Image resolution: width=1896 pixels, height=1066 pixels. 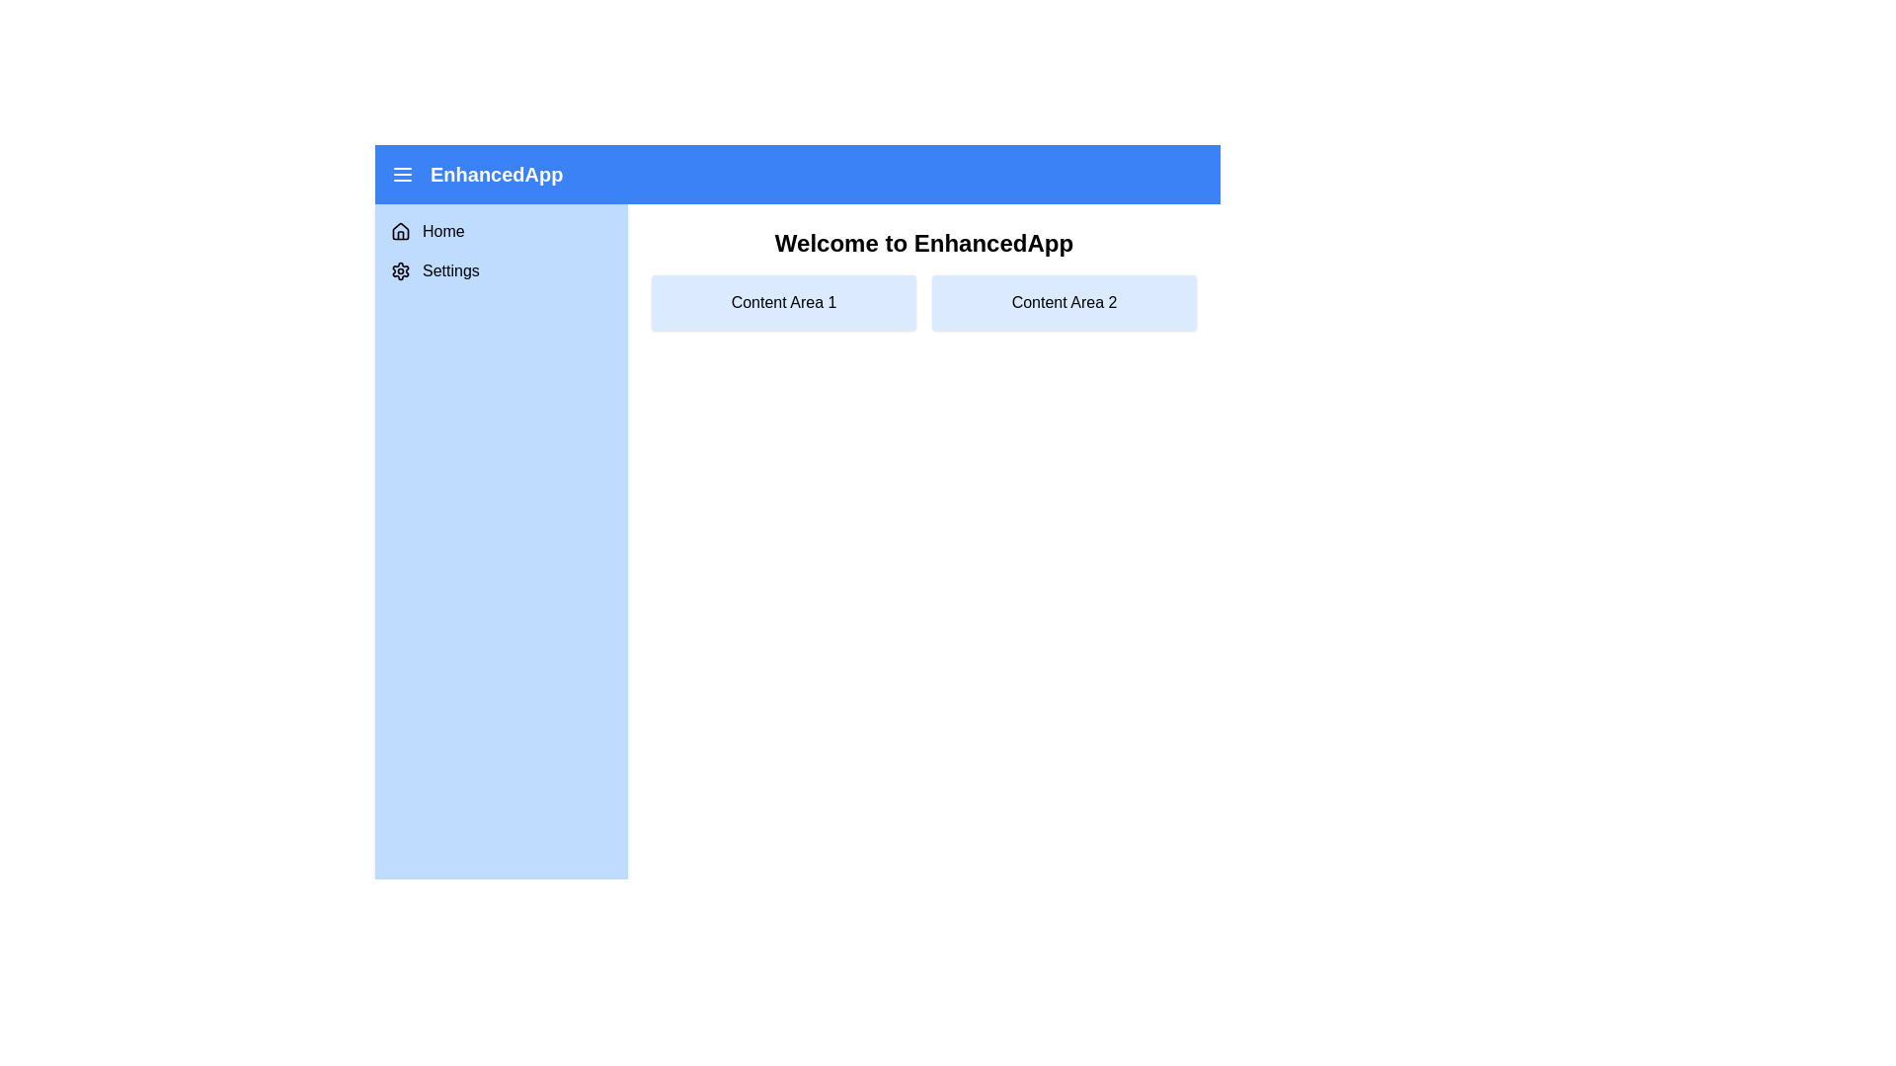 I want to click on the navigation button located in the left sidebar, positioned directly below the 'Home' menu item, so click(x=502, y=270).